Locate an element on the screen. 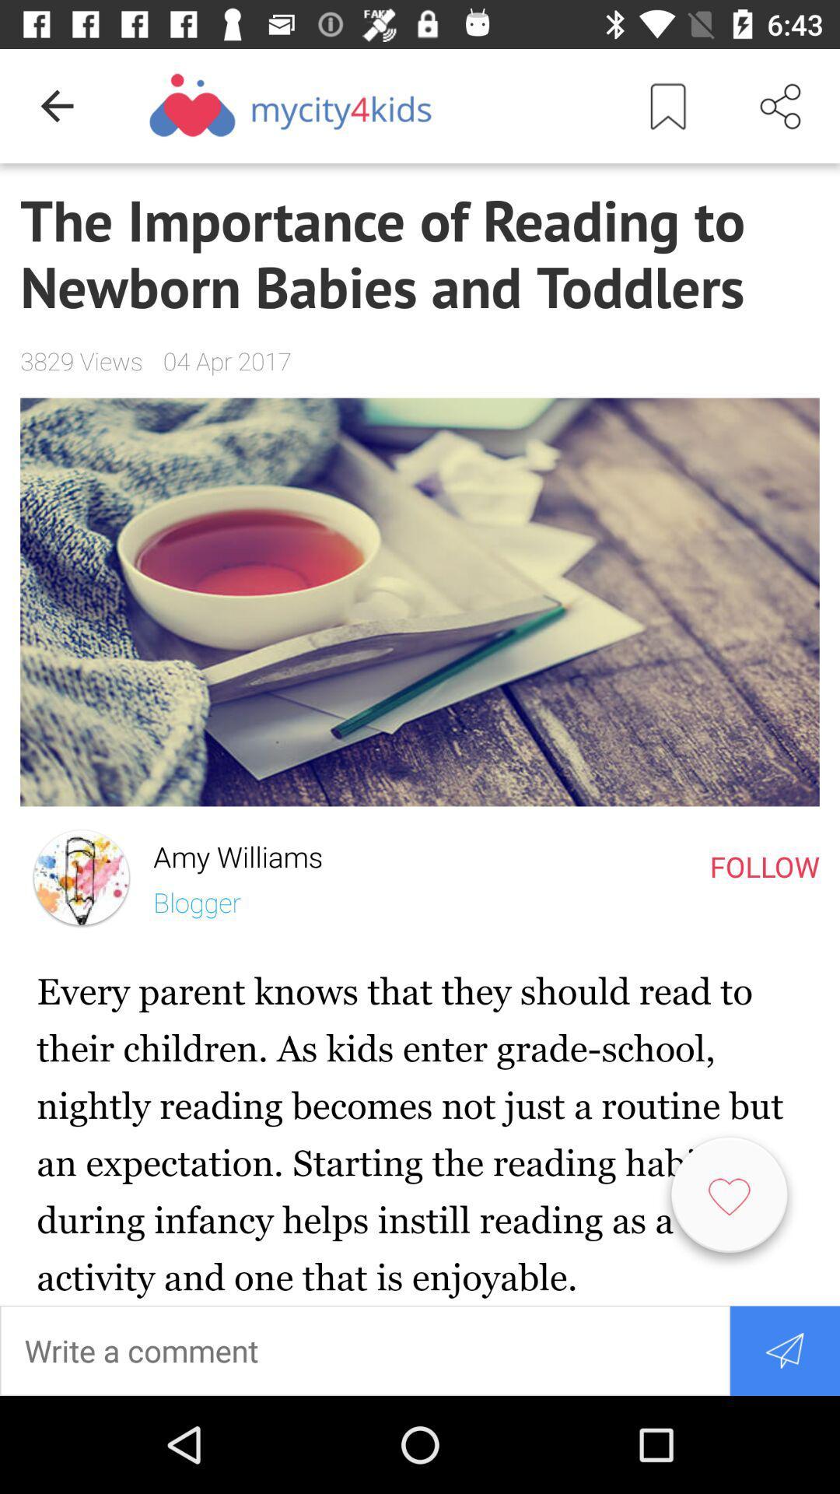 This screenshot has width=840, height=1494. the item next to follow icon is located at coordinates (228, 852).